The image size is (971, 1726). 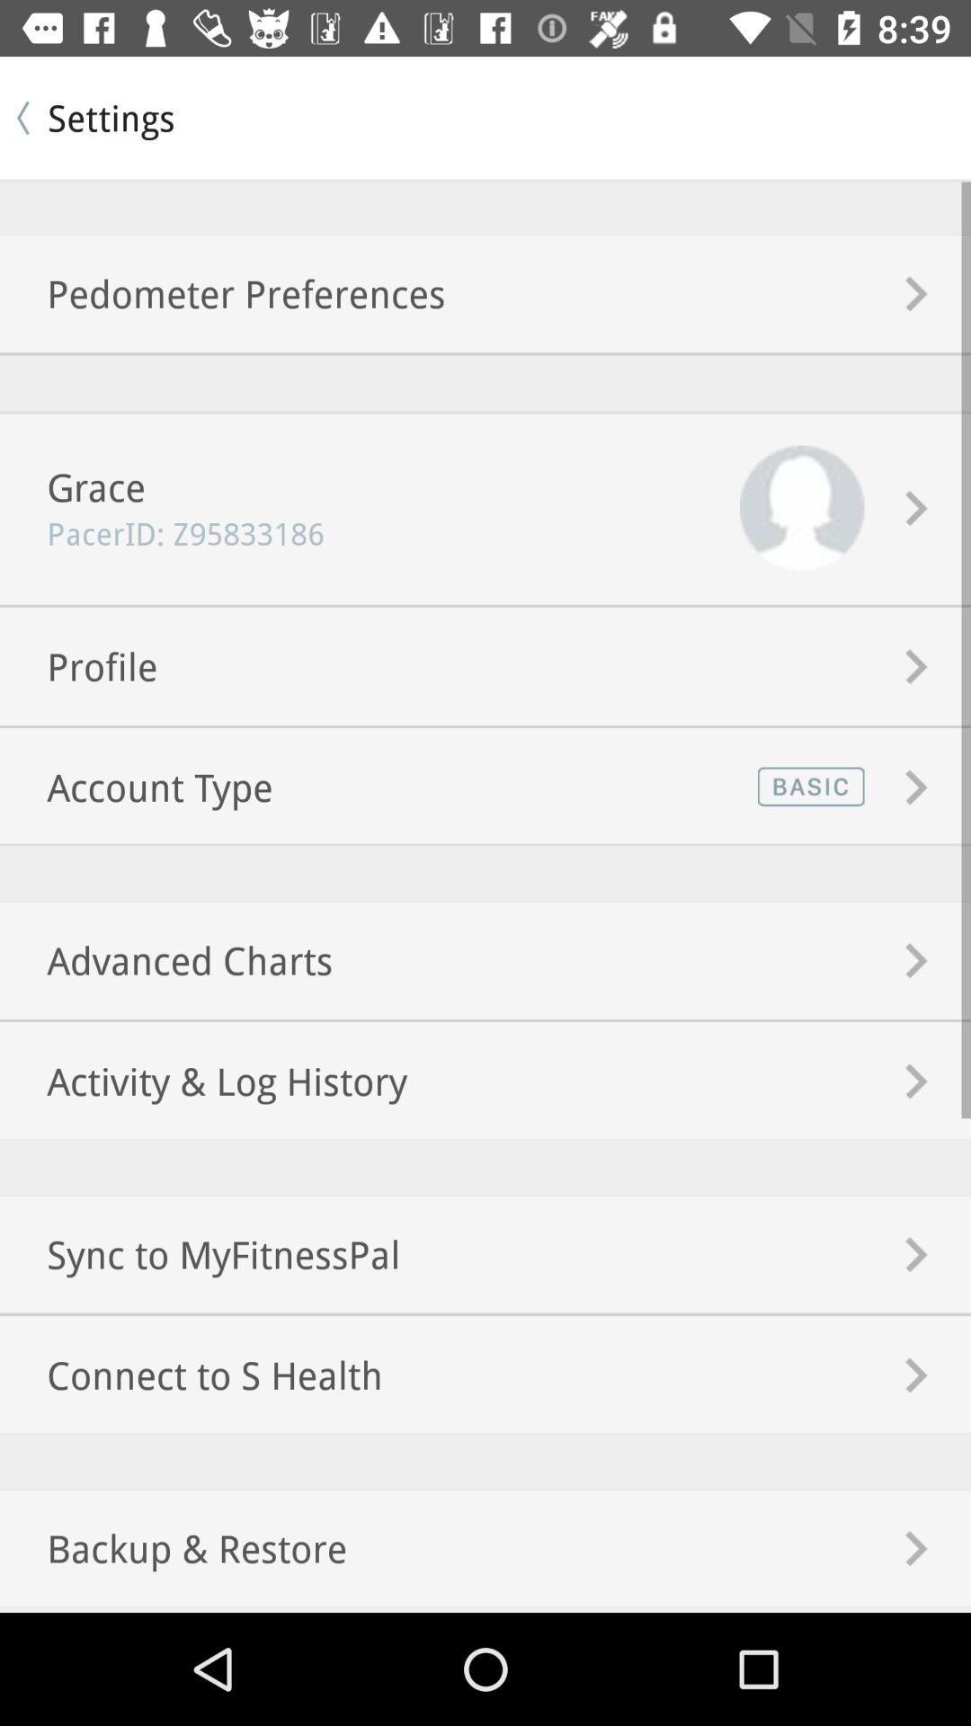 What do you see at coordinates (135, 787) in the screenshot?
I see `the account type item` at bounding box center [135, 787].